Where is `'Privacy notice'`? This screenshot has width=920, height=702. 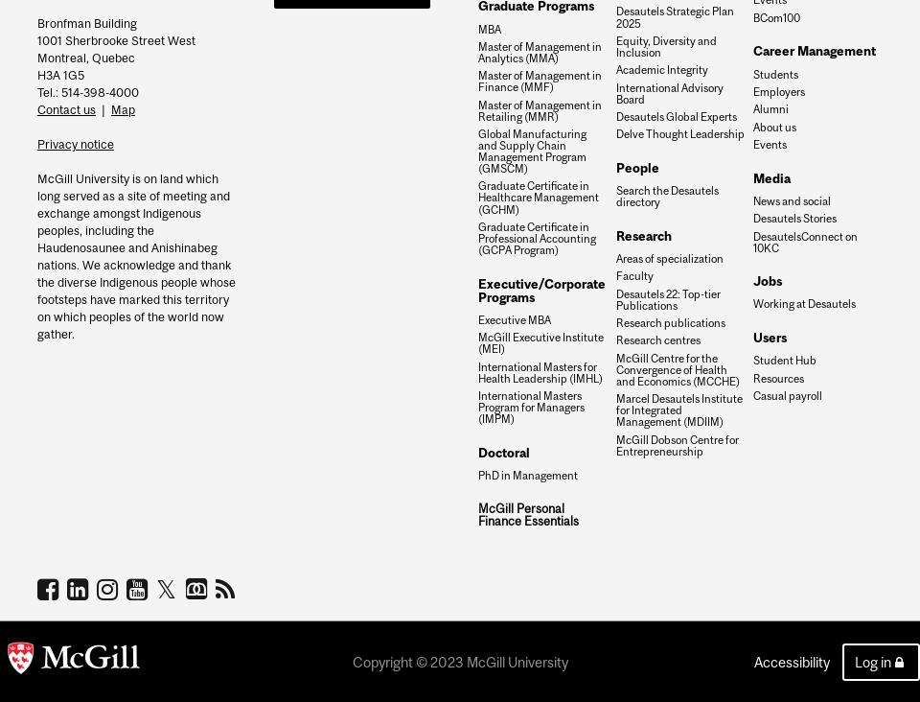
'Privacy notice' is located at coordinates (74, 144).